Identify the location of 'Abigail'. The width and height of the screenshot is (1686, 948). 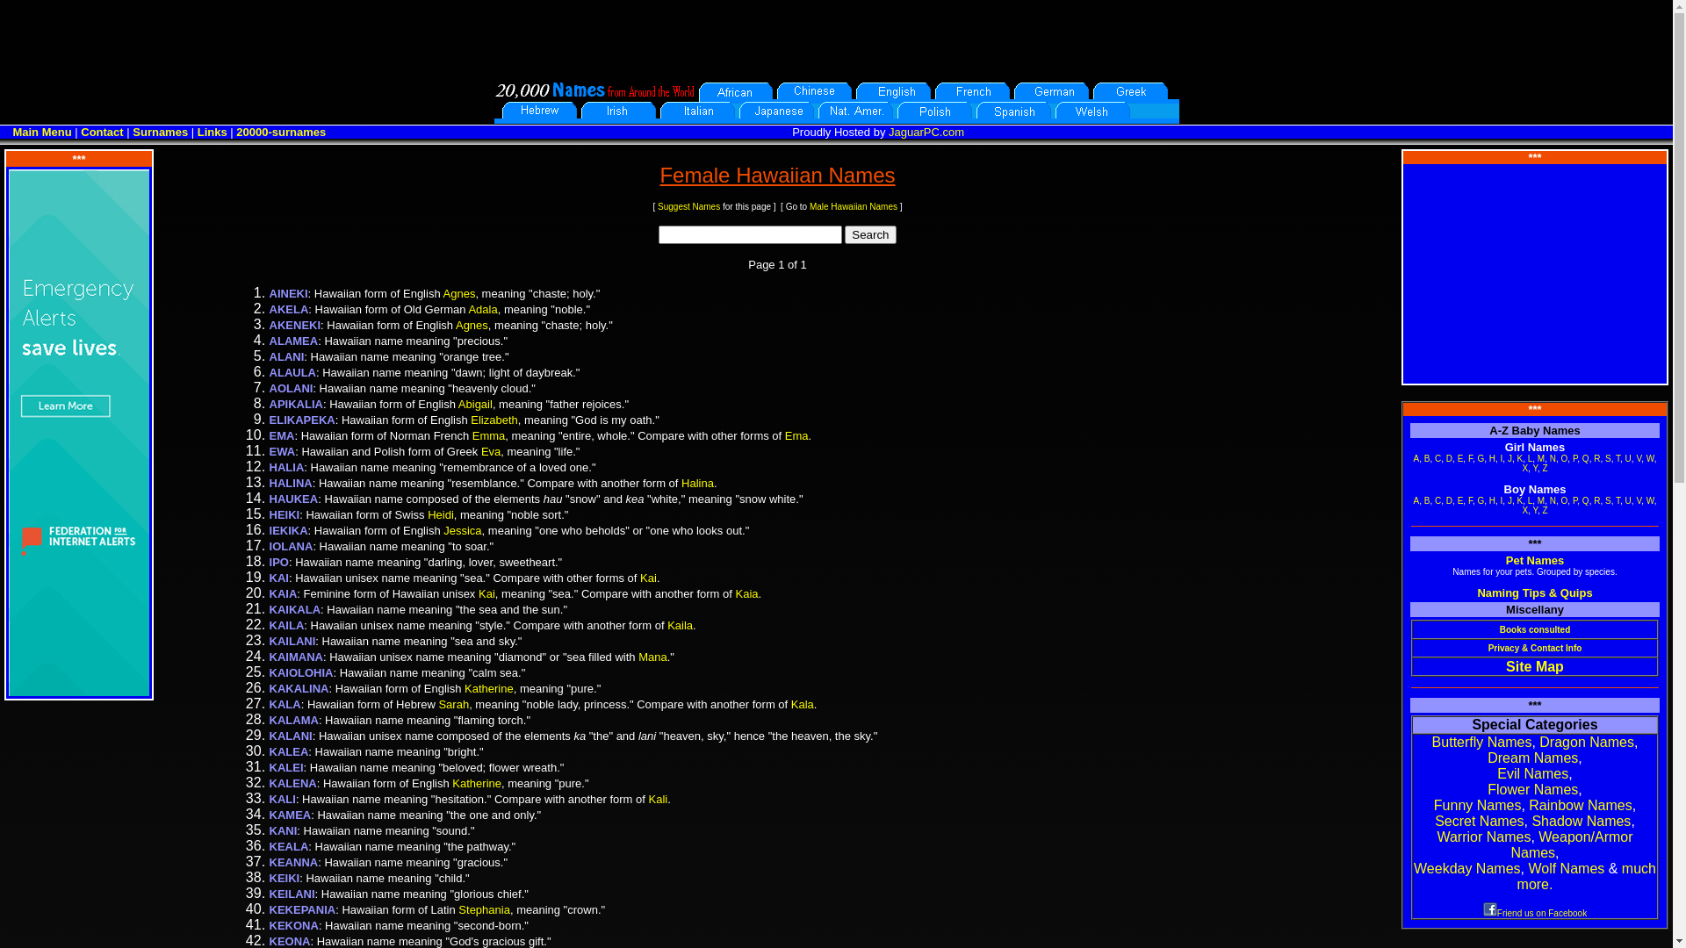
(475, 404).